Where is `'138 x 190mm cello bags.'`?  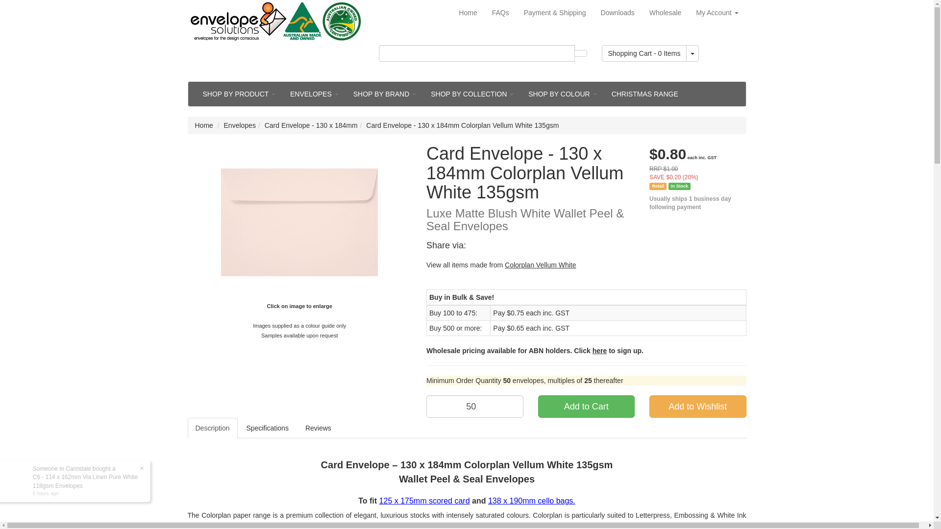 '138 x 190mm cello bags.' is located at coordinates (531, 501).